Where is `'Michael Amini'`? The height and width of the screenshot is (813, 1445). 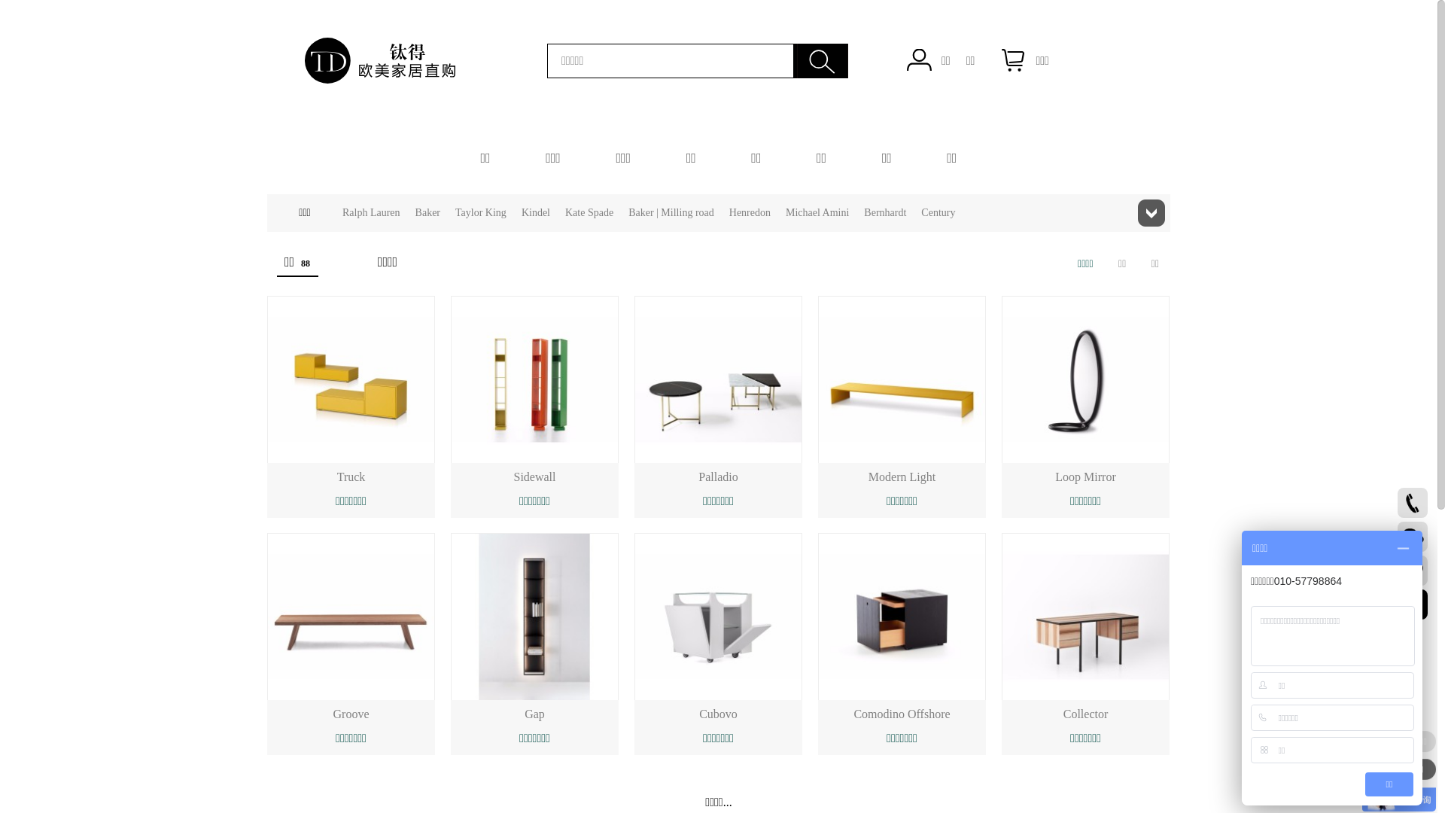
'Michael Amini' is located at coordinates (816, 212).